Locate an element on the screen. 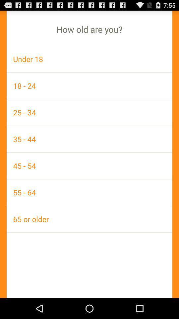  the 45 - 54 is located at coordinates (89, 165).